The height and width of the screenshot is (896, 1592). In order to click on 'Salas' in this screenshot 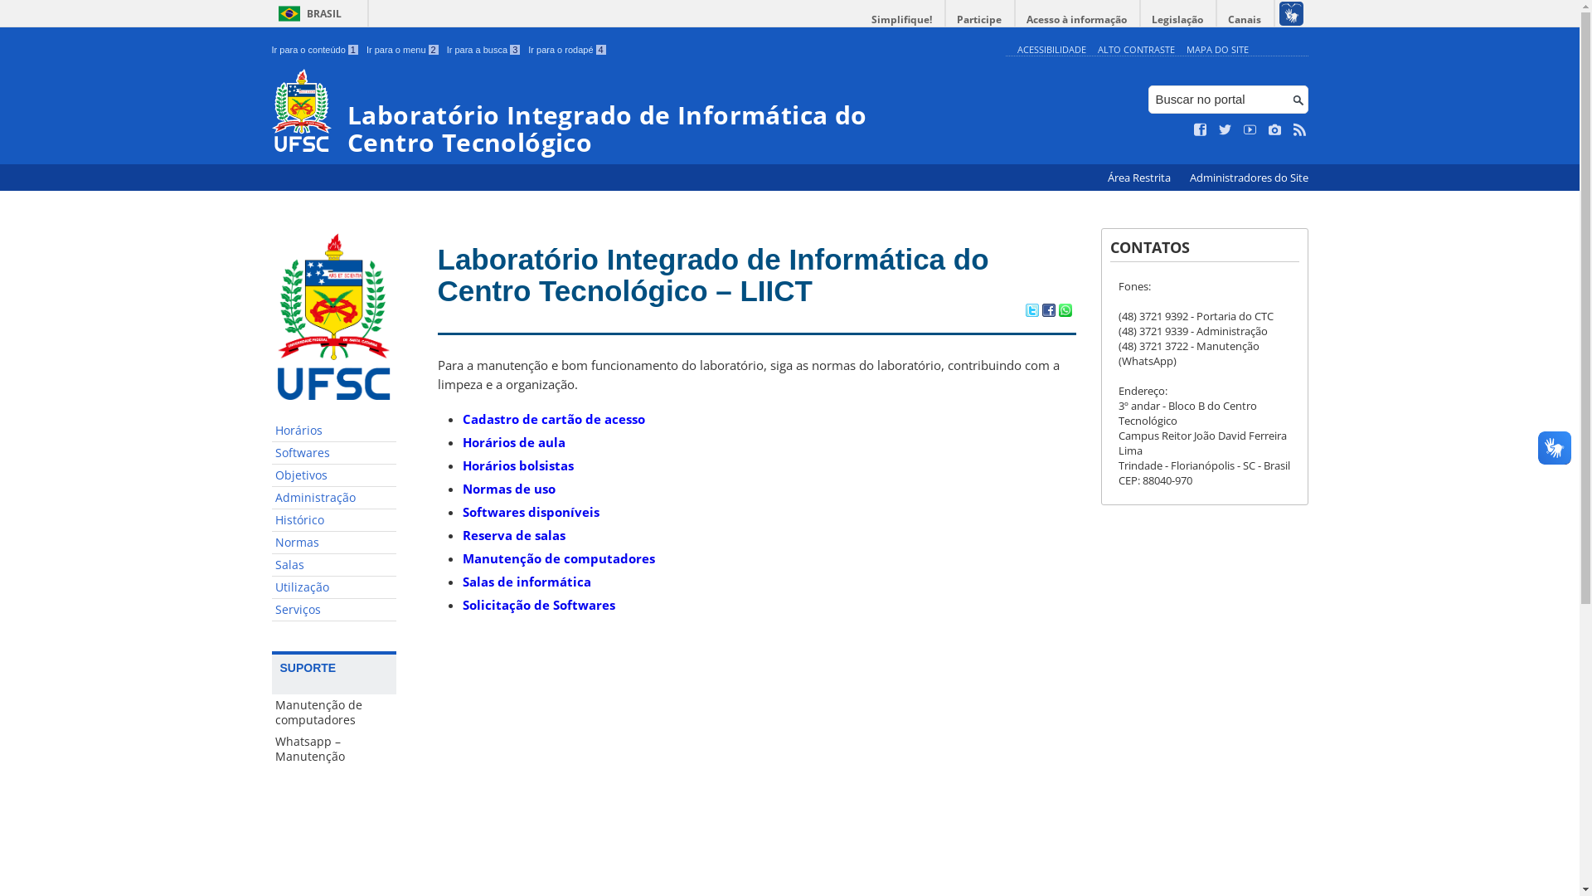, I will do `click(333, 564)`.